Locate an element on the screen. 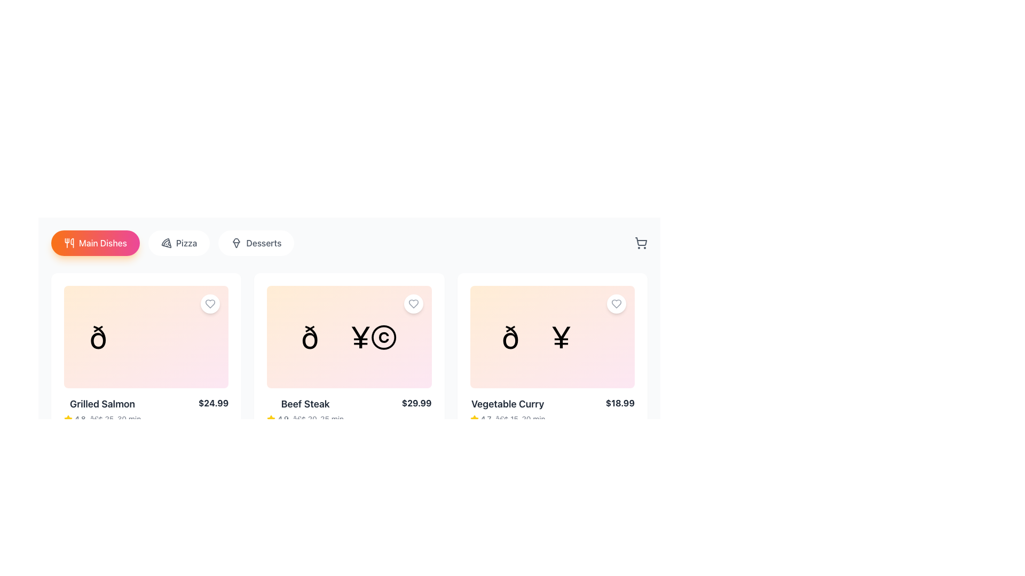 This screenshot has width=1025, height=576. the 'Desserts' text label in the menu, which is the third option after 'Main Dishes' and 'Pizza' is located at coordinates (264, 243).